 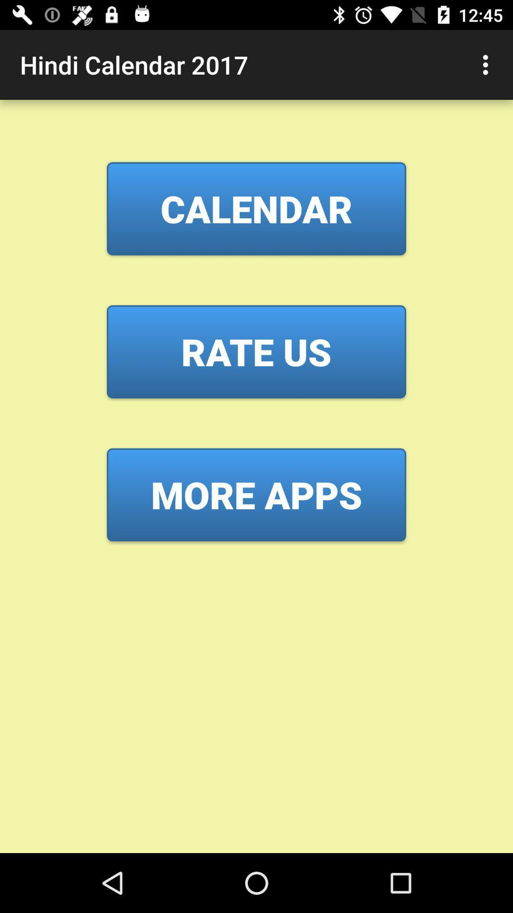 What do you see at coordinates (256, 495) in the screenshot?
I see `item below rate us item` at bounding box center [256, 495].